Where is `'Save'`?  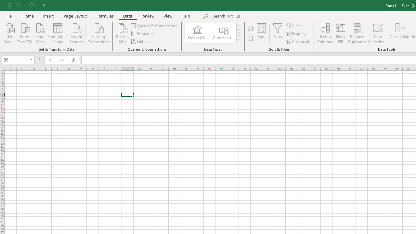 'Save' is located at coordinates (9, 5).